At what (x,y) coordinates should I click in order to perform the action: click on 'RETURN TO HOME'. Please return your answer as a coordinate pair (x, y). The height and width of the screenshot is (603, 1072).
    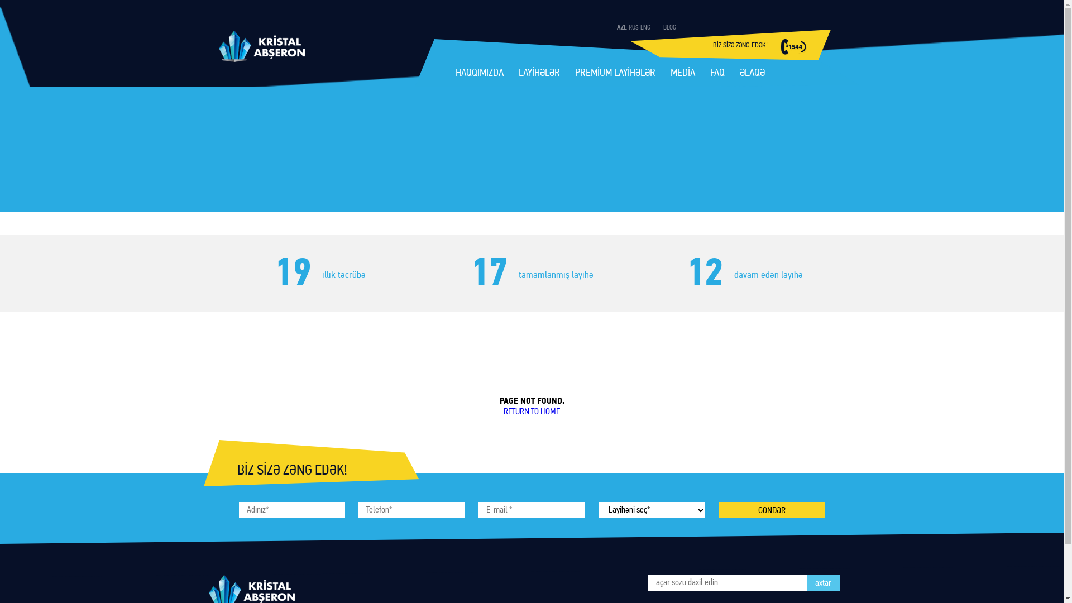
    Looking at the image, I should click on (531, 411).